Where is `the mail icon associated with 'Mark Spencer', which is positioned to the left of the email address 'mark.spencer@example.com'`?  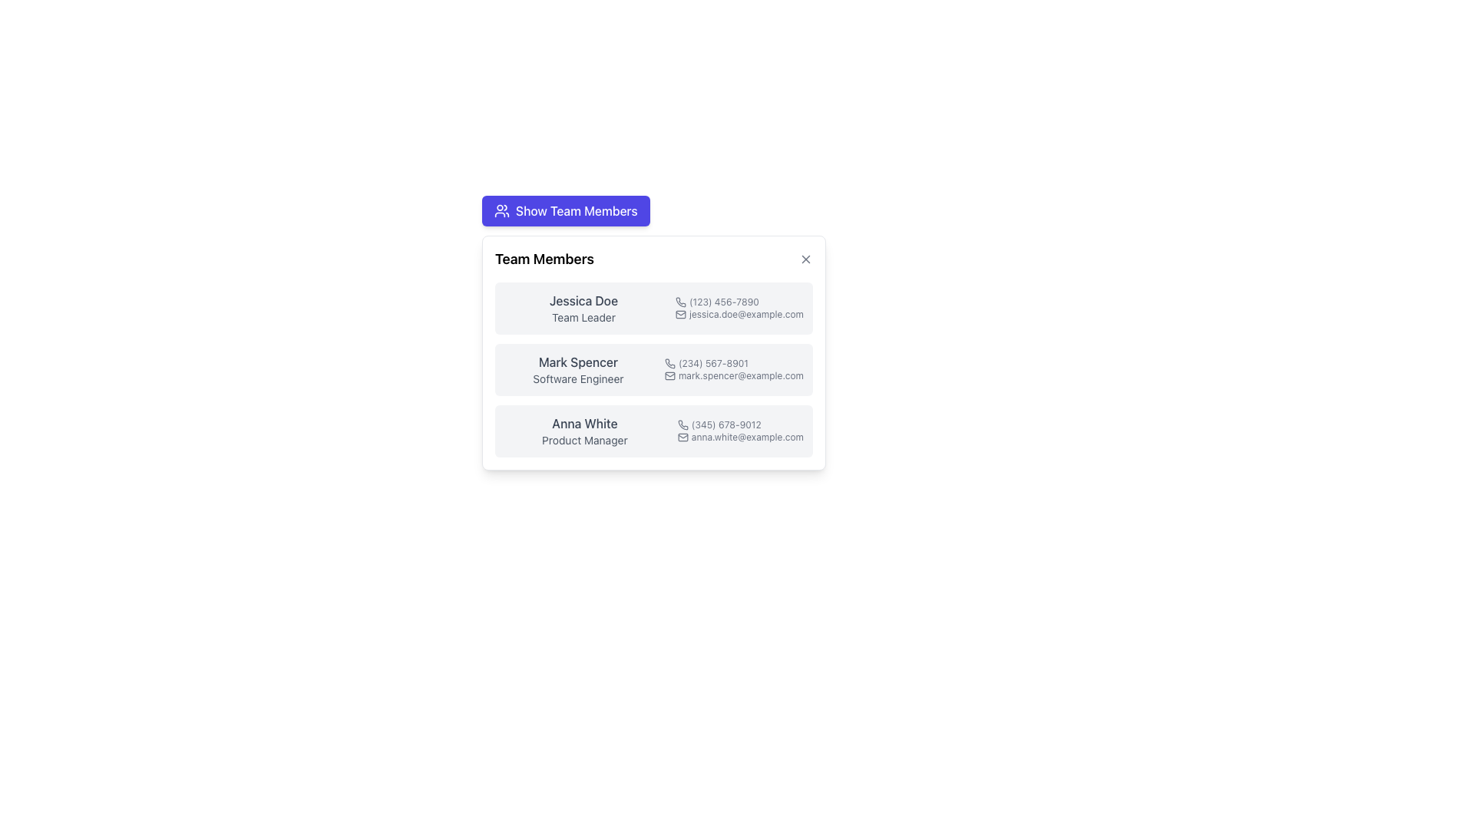 the mail icon associated with 'Mark Spencer', which is positioned to the left of the email address 'mark.spencer@example.com' is located at coordinates (669, 375).